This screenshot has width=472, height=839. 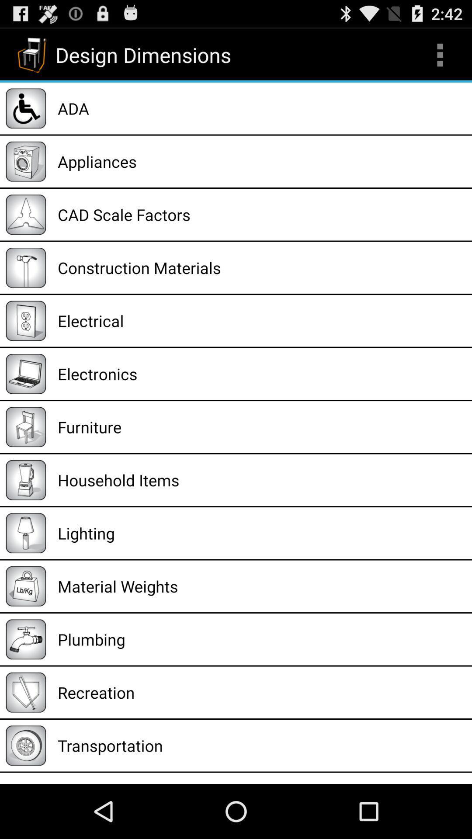 What do you see at coordinates (261, 267) in the screenshot?
I see `construction materials icon` at bounding box center [261, 267].